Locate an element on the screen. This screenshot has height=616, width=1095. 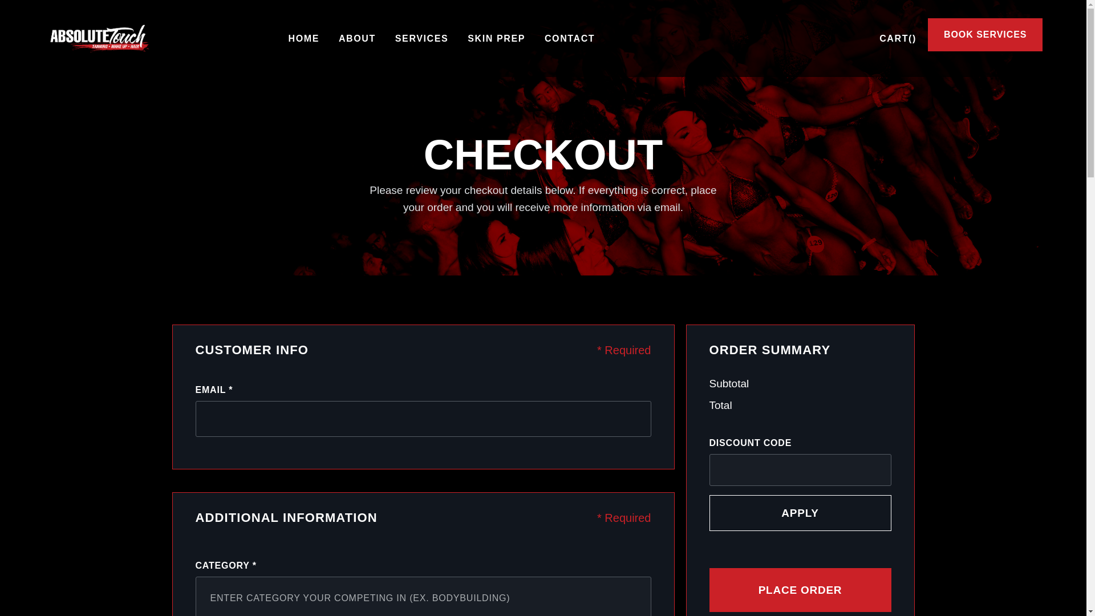
'SERVICES' is located at coordinates (421, 38).